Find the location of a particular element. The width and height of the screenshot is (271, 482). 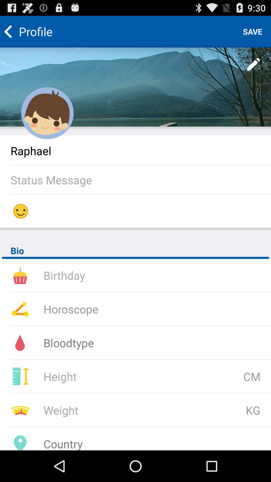

height is located at coordinates (109, 376).